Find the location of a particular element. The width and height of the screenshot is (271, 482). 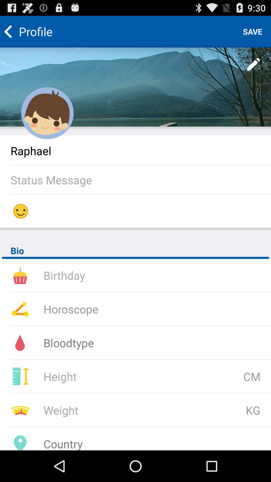

height is located at coordinates (109, 376).